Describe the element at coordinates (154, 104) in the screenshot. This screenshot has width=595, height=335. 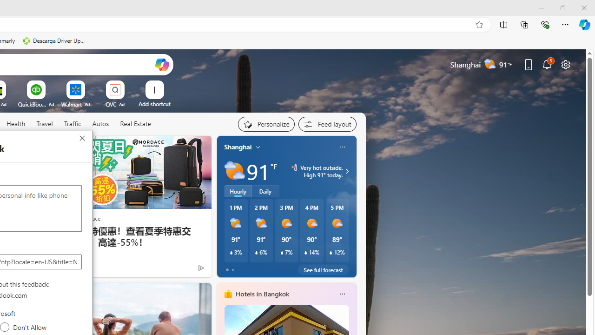
I see `'Add a site'` at that location.